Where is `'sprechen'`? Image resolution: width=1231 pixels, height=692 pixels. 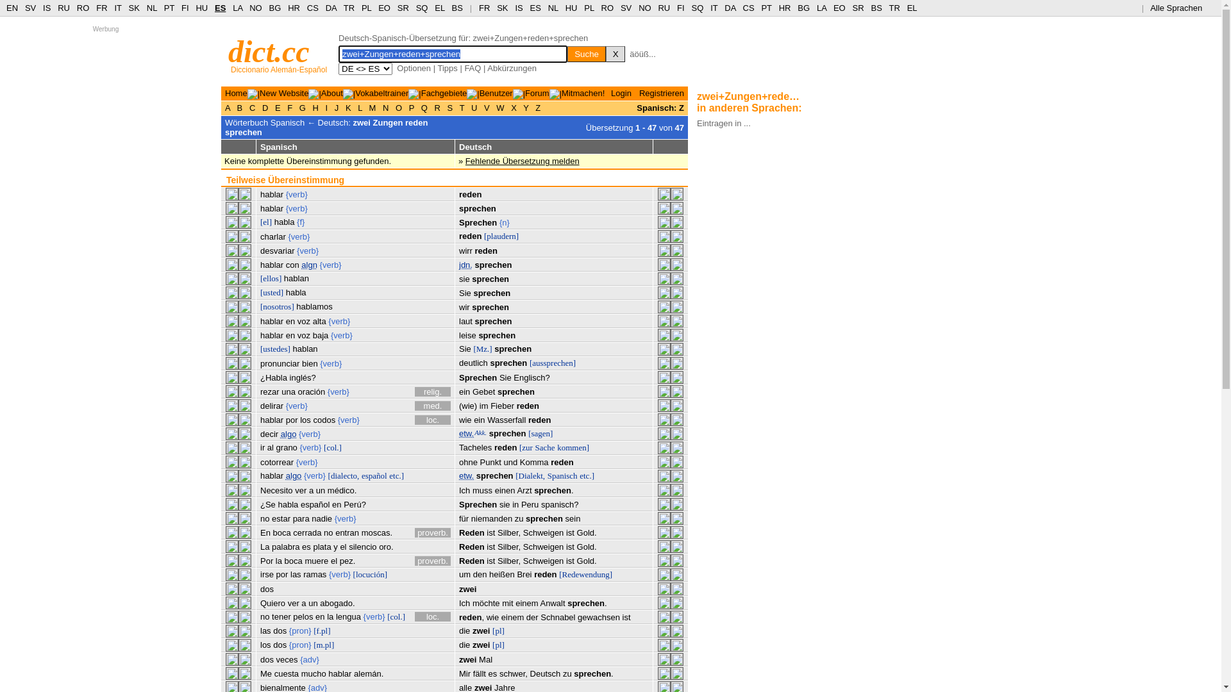 'sprechen' is located at coordinates (476, 208).